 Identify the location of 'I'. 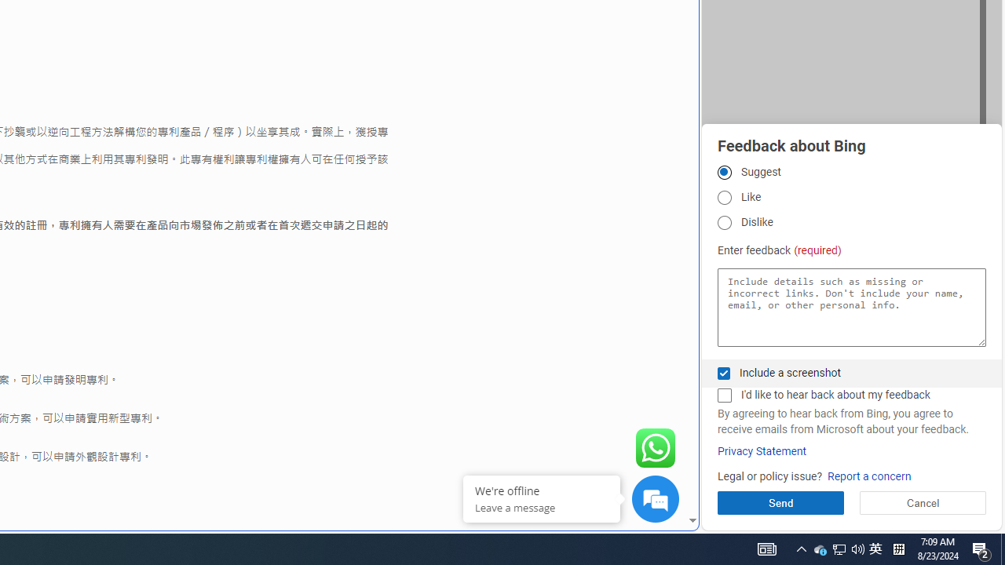
(723, 394).